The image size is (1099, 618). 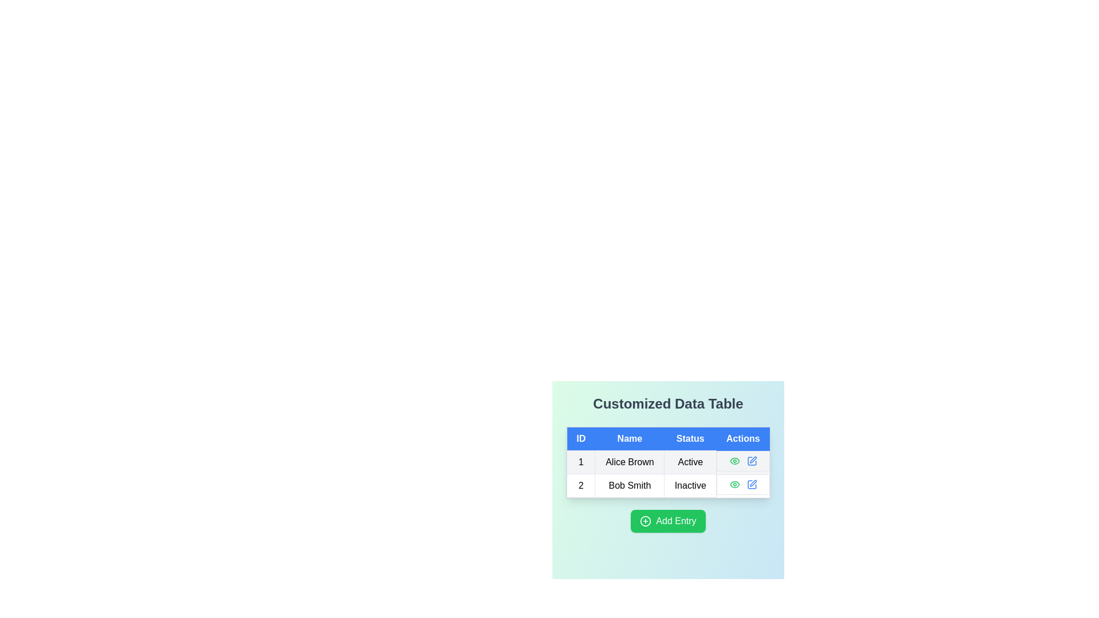 I want to click on the 'Name' column header in the data table, which is the second column header positioned between the 'ID' header and the 'Status' header, so click(x=629, y=438).